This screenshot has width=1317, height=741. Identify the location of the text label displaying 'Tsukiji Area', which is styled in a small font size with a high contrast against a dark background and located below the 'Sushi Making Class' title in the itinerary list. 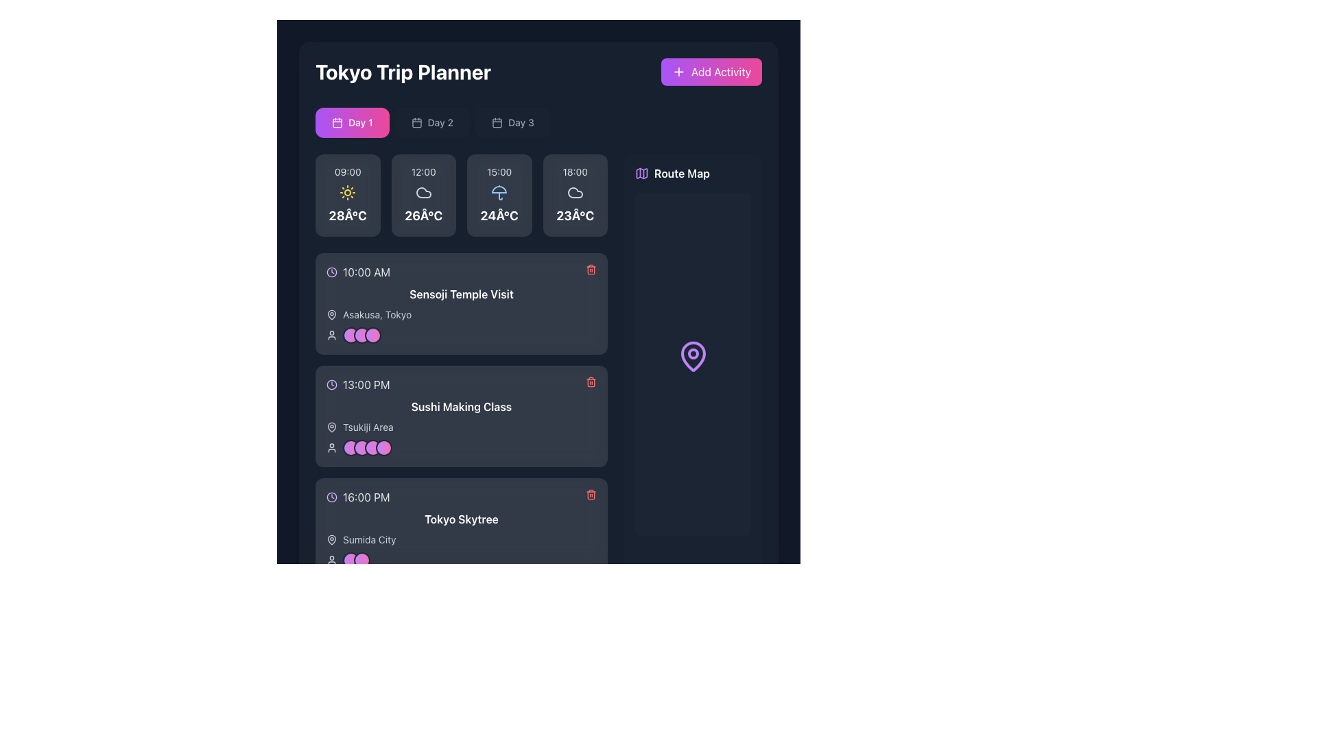
(368, 427).